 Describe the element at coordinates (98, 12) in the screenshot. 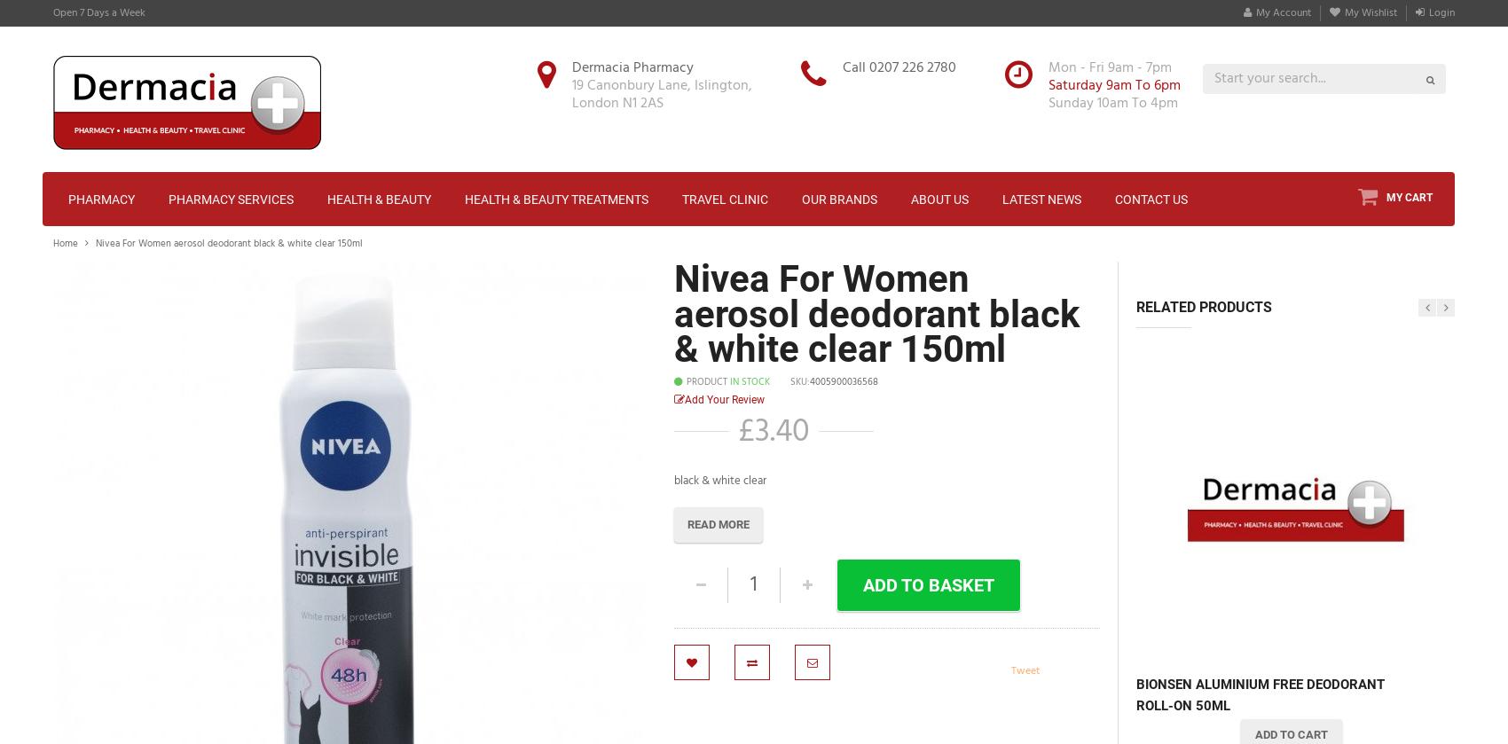

I see `'Open 7 Days a Week'` at that location.